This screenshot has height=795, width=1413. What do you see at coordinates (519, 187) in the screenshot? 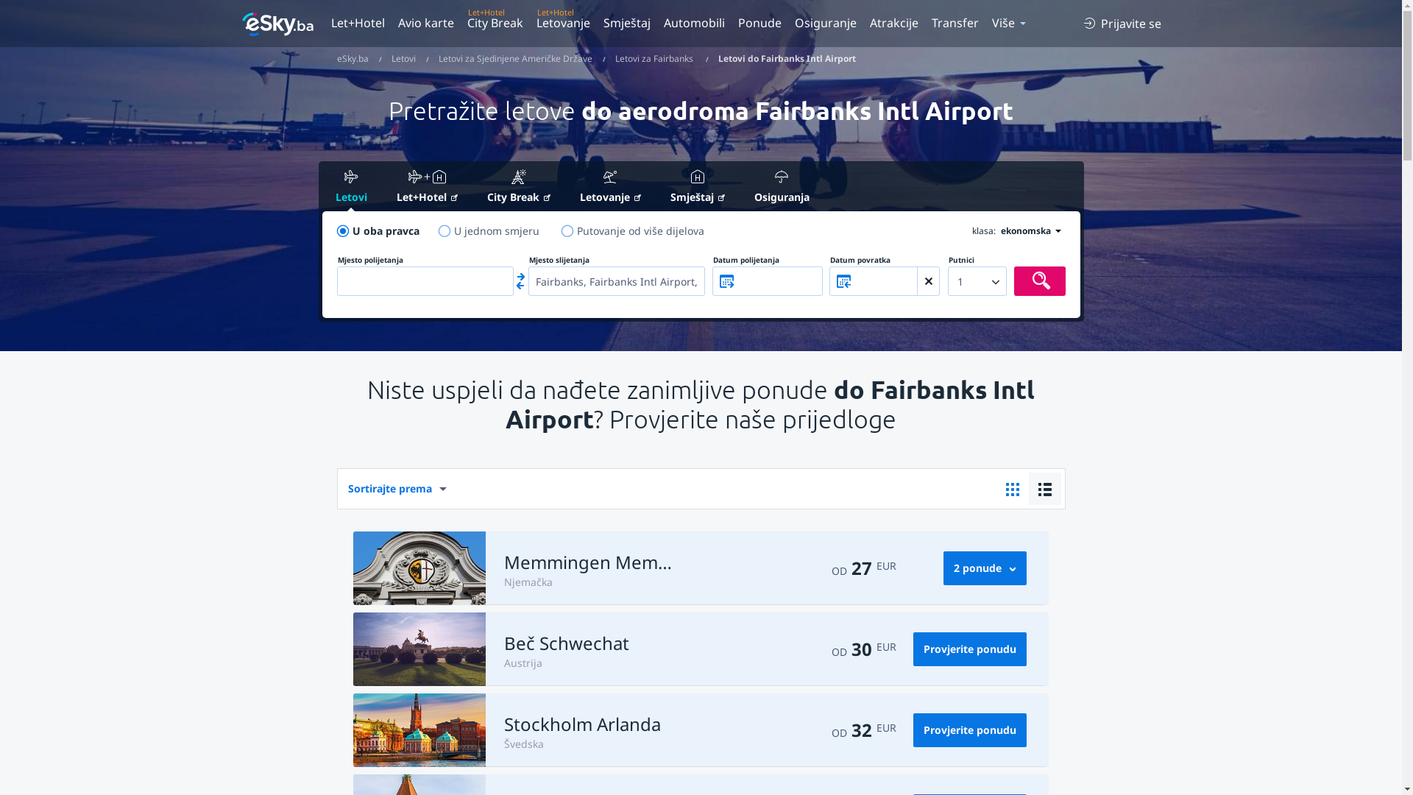
I see `'City Break'` at bounding box center [519, 187].